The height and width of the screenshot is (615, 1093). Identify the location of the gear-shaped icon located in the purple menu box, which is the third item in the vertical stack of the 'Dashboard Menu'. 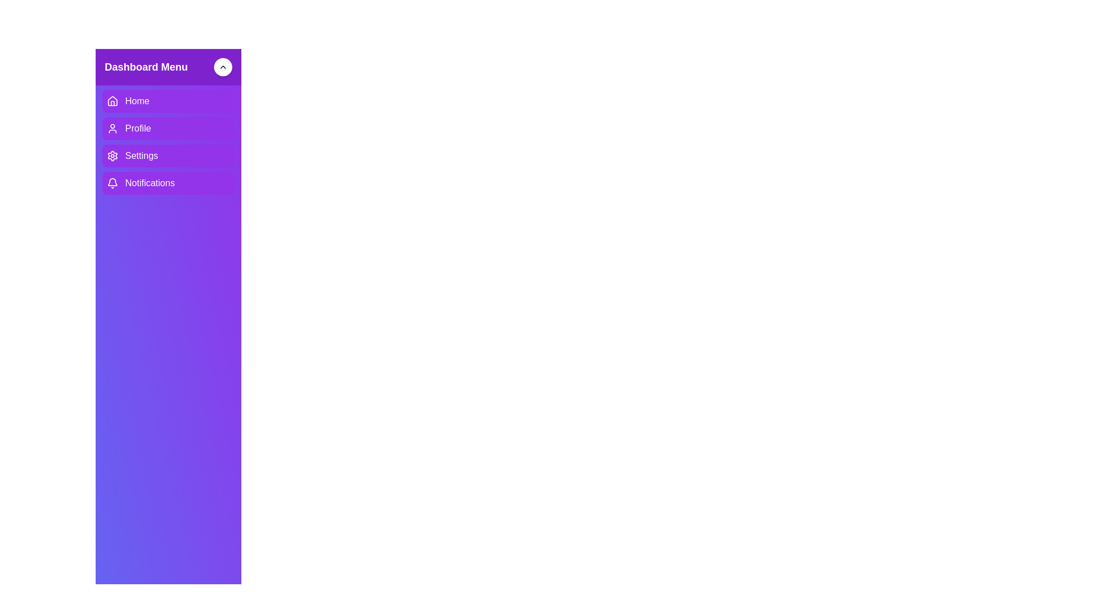
(112, 155).